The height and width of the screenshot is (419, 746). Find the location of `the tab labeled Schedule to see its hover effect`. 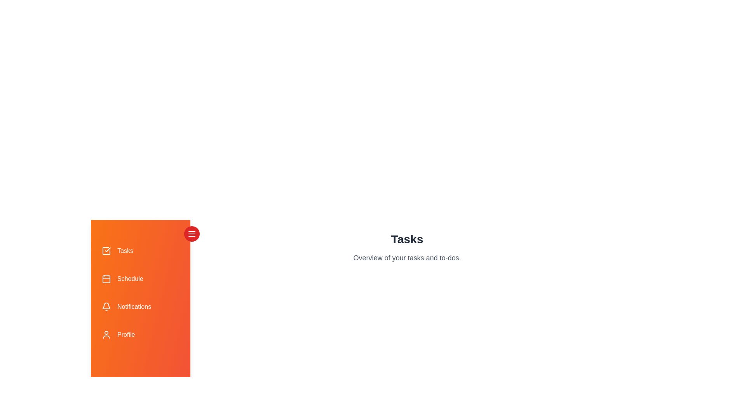

the tab labeled Schedule to see its hover effect is located at coordinates (140, 278).